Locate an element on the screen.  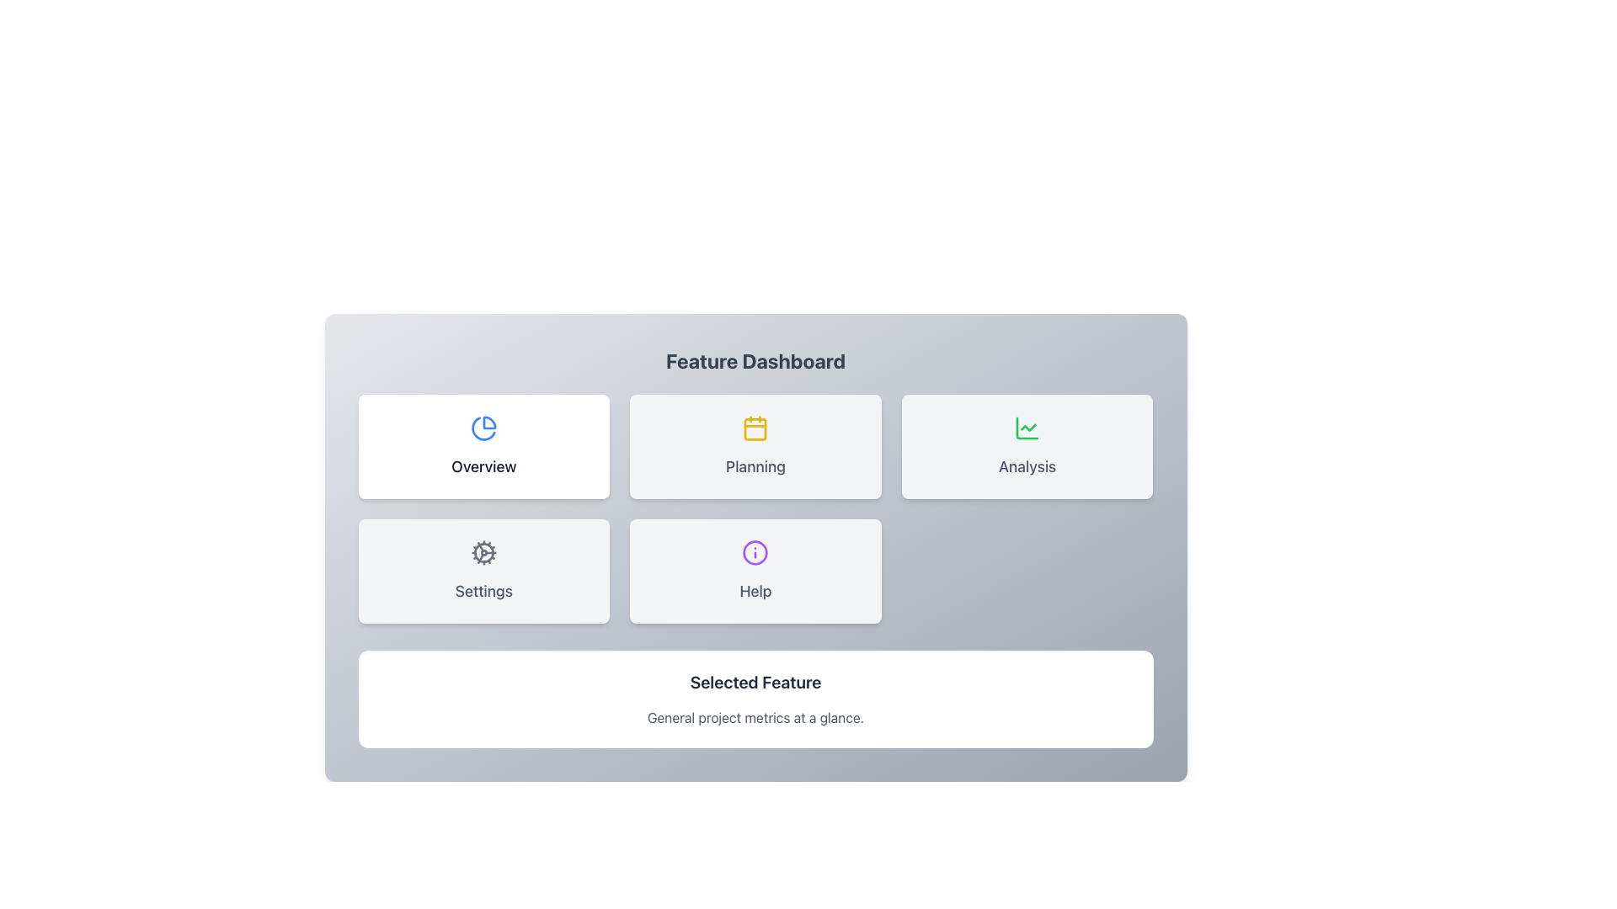
text label displaying 'General project metrics at a glance.' located within a white rounded rectangle at the bottom of the dashboard, below 'Selected Feature' is located at coordinates (755, 717).